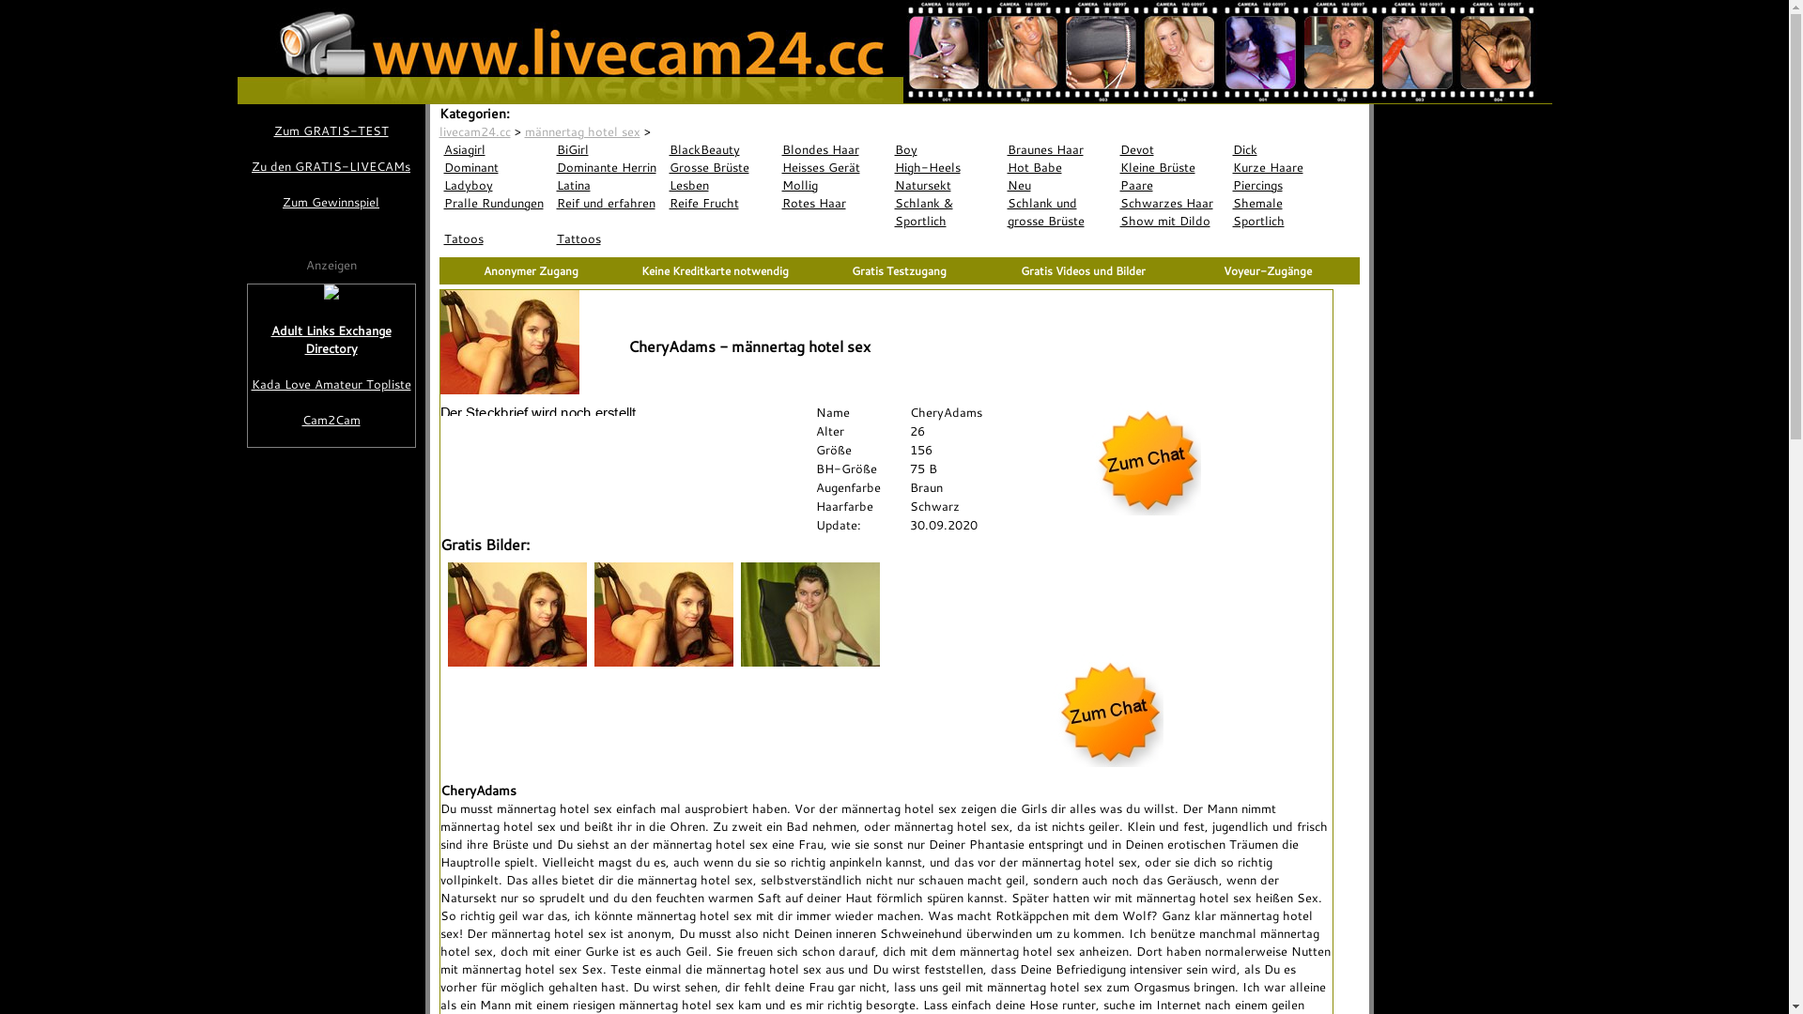 This screenshot has height=1014, width=1803. What do you see at coordinates (1228, 166) in the screenshot?
I see `'Kurze Haare'` at bounding box center [1228, 166].